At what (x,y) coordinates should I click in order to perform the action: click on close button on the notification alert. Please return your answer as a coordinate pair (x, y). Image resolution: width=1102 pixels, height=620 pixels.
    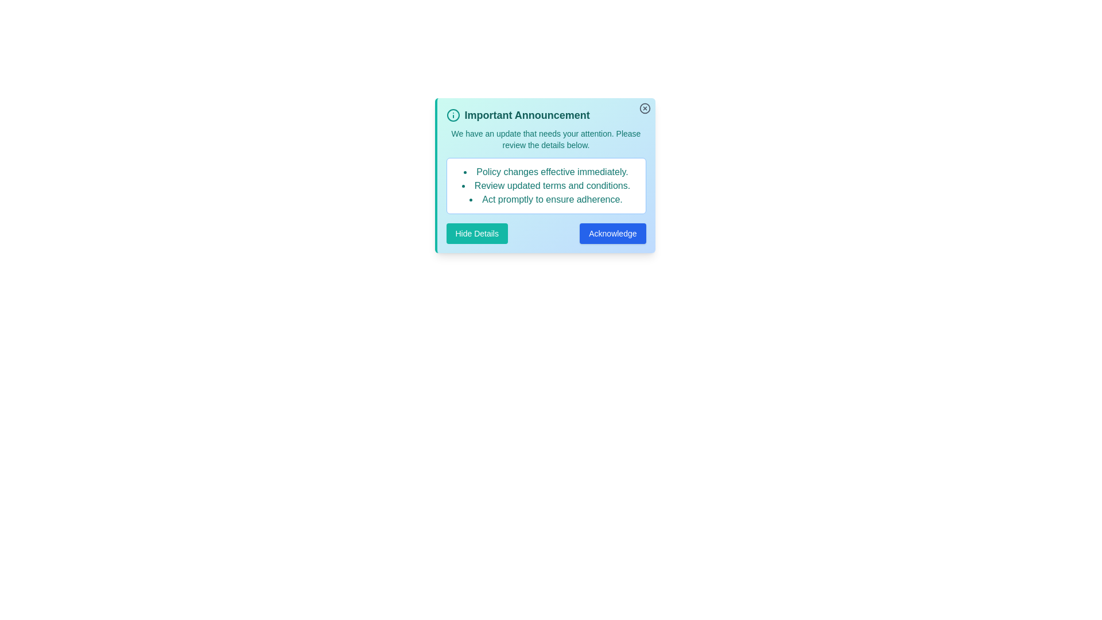
    Looking at the image, I should click on (645, 108).